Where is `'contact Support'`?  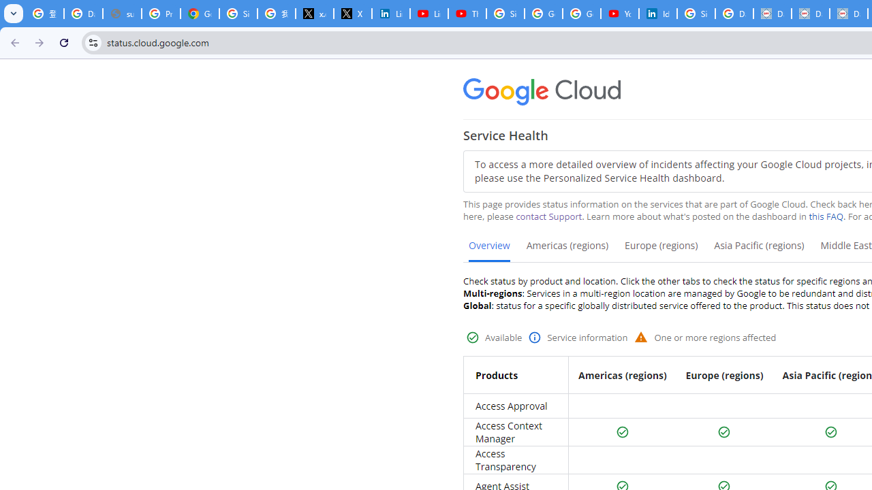
'contact Support' is located at coordinates (548, 216).